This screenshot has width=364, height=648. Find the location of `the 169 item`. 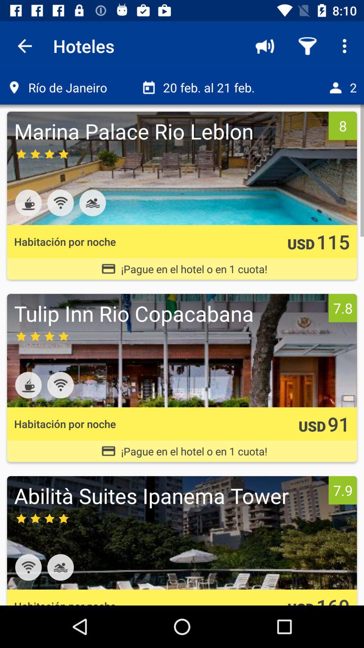

the 169 item is located at coordinates (333, 599).